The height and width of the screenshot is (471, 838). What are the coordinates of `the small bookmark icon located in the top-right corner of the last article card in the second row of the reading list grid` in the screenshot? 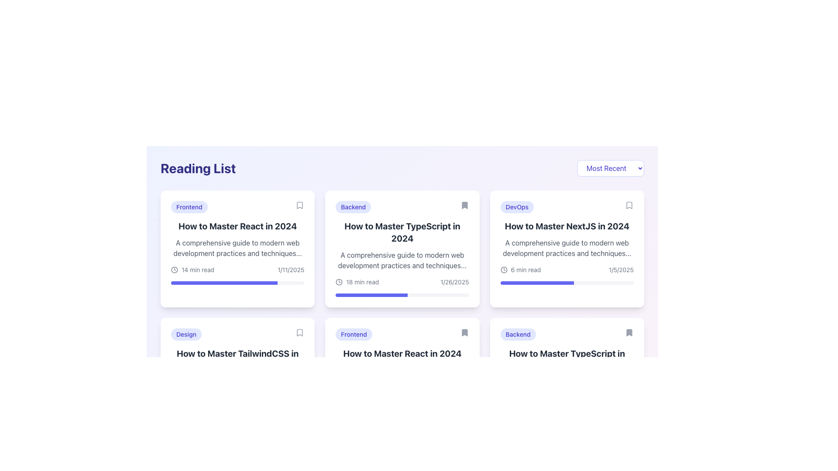 It's located at (629, 333).